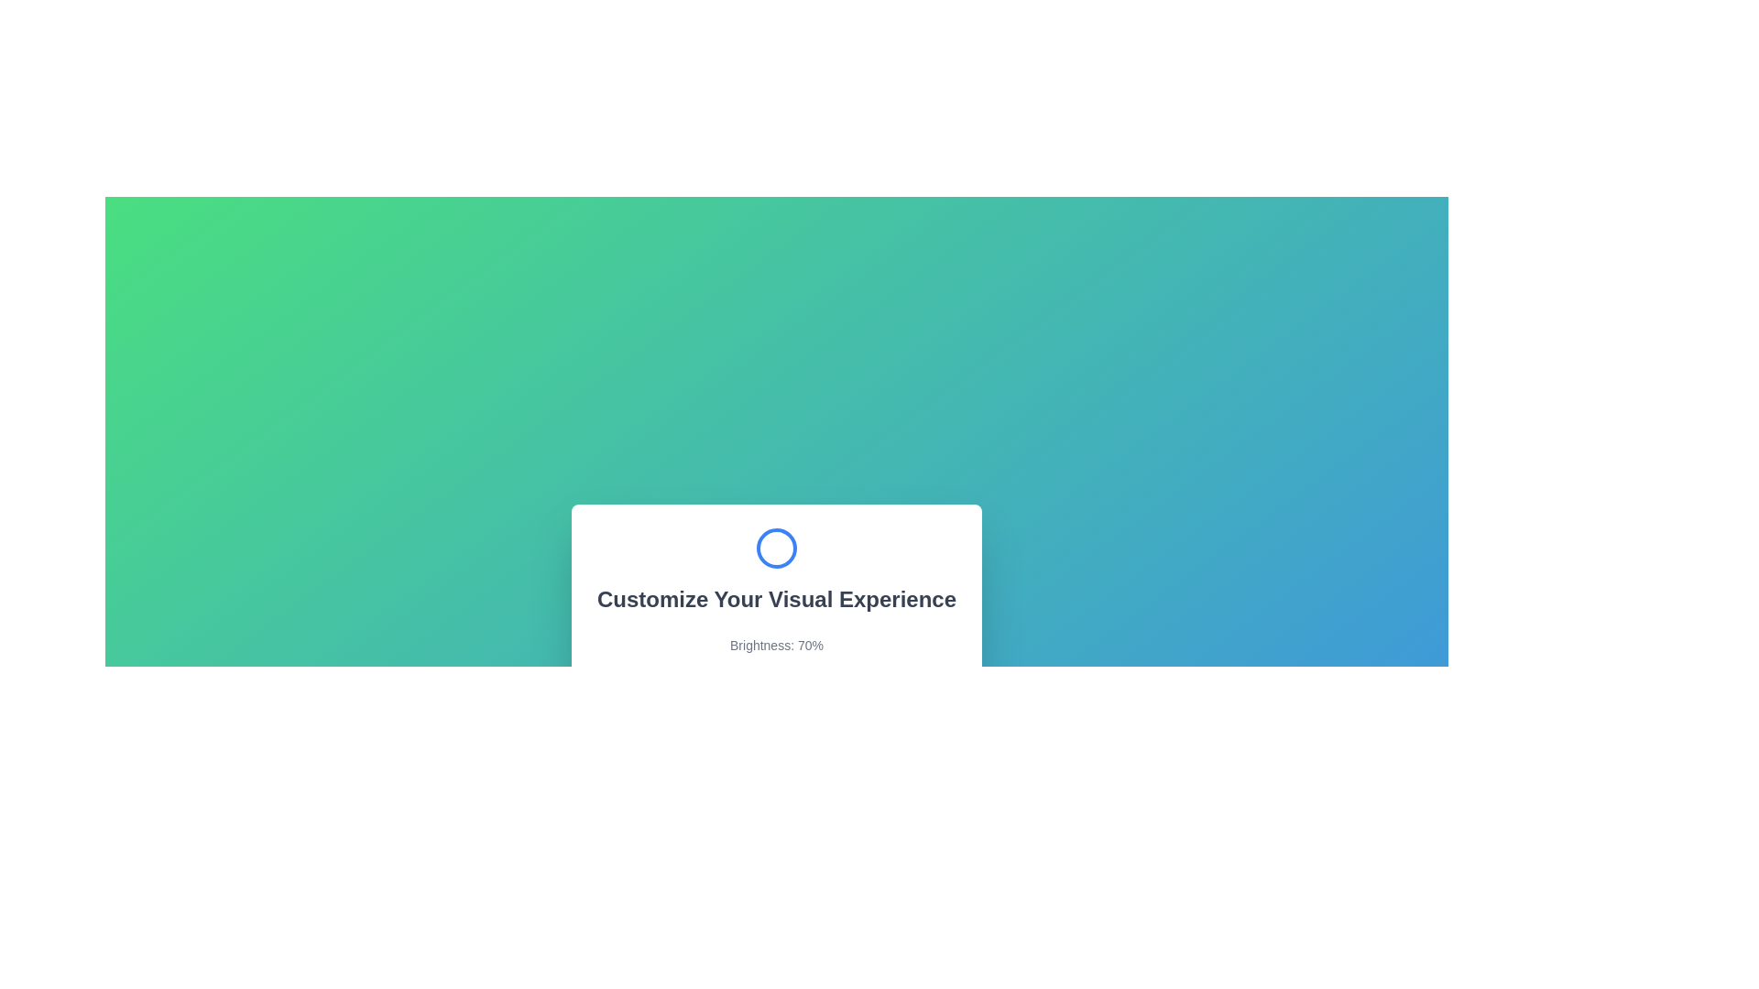 The height and width of the screenshot is (989, 1759). What do you see at coordinates (777, 547) in the screenshot?
I see `the central icon to observe any potential visual effects or information display` at bounding box center [777, 547].